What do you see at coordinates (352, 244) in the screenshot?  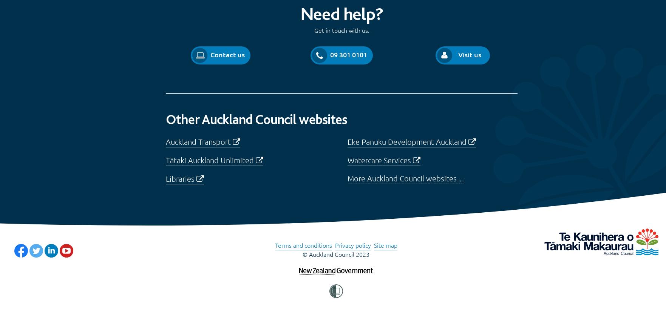 I see `'Privacy policy'` at bounding box center [352, 244].